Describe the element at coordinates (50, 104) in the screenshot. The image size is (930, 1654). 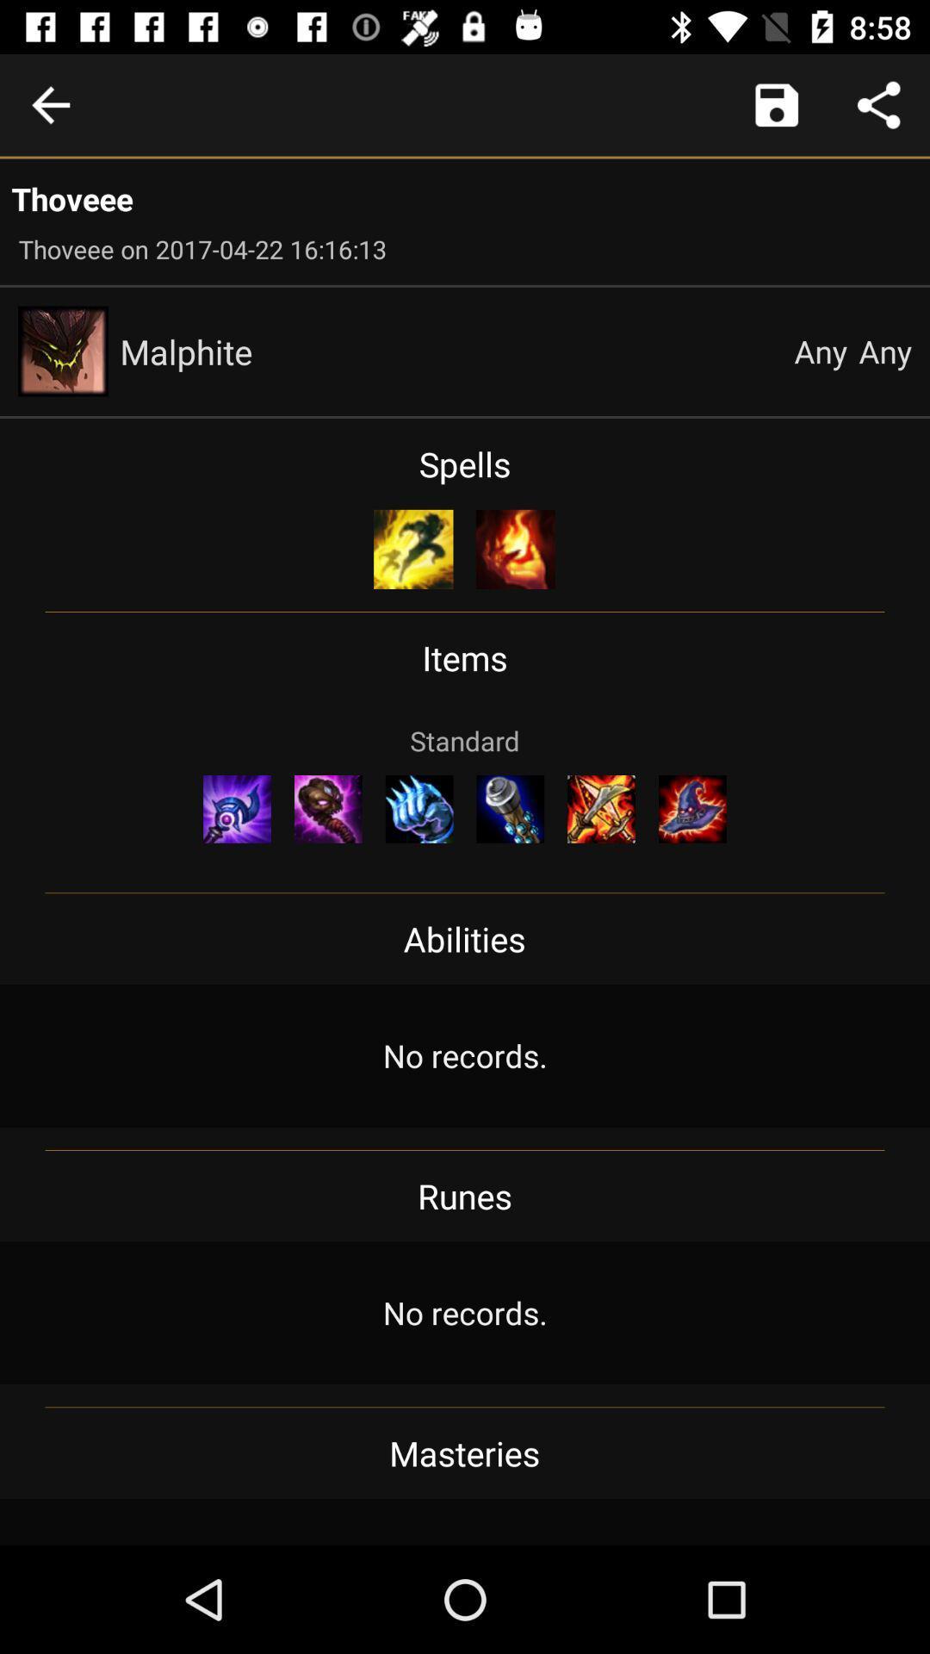
I see `the arrow_backward icon` at that location.